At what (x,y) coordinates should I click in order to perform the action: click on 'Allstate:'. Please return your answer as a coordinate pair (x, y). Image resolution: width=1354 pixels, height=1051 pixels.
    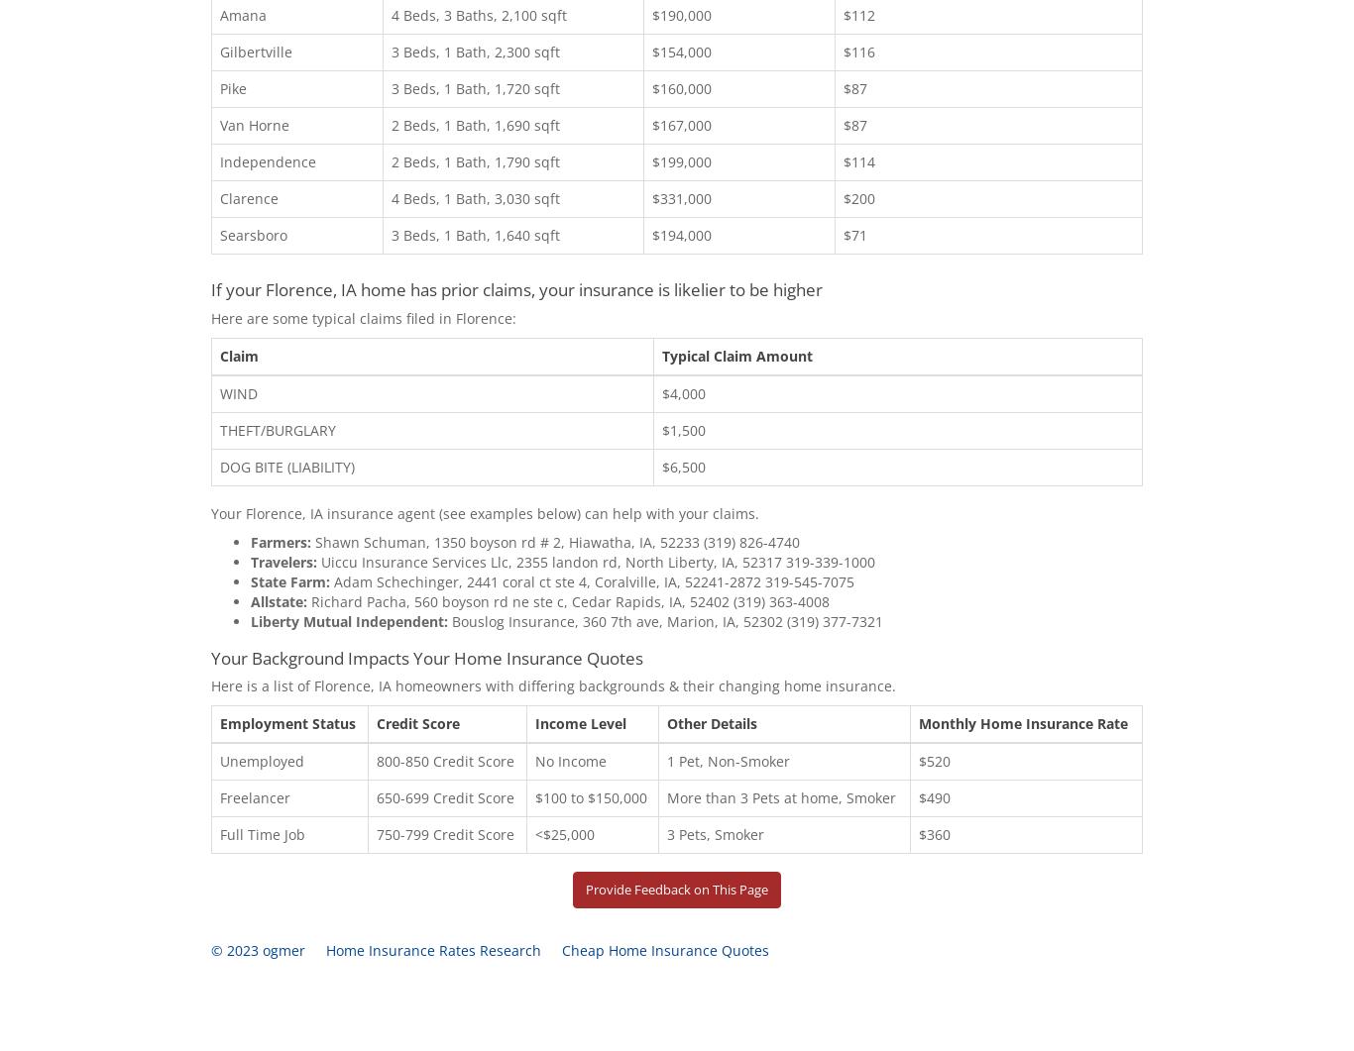
    Looking at the image, I should click on (281, 599).